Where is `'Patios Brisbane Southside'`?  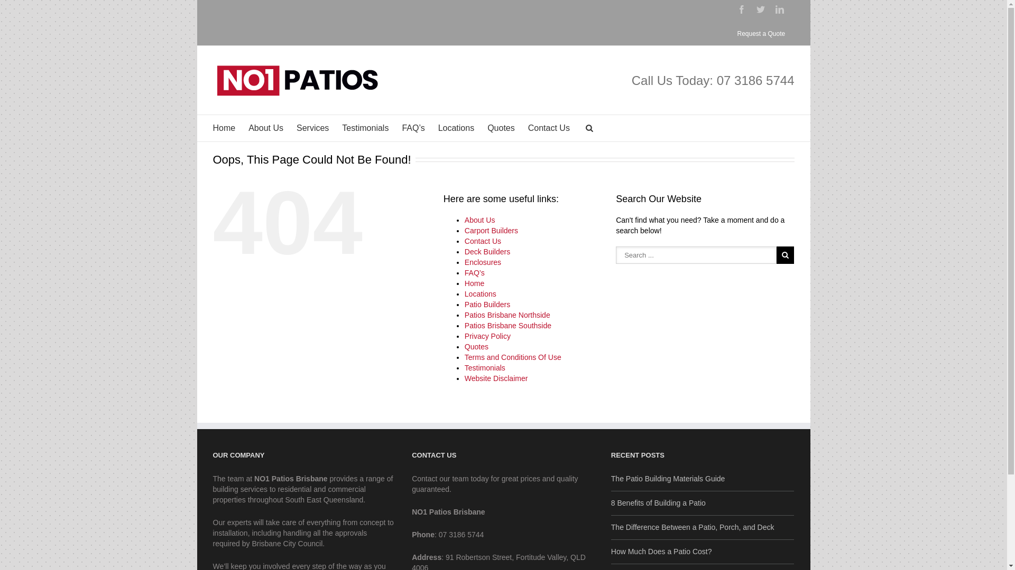 'Patios Brisbane Southside' is located at coordinates (508, 325).